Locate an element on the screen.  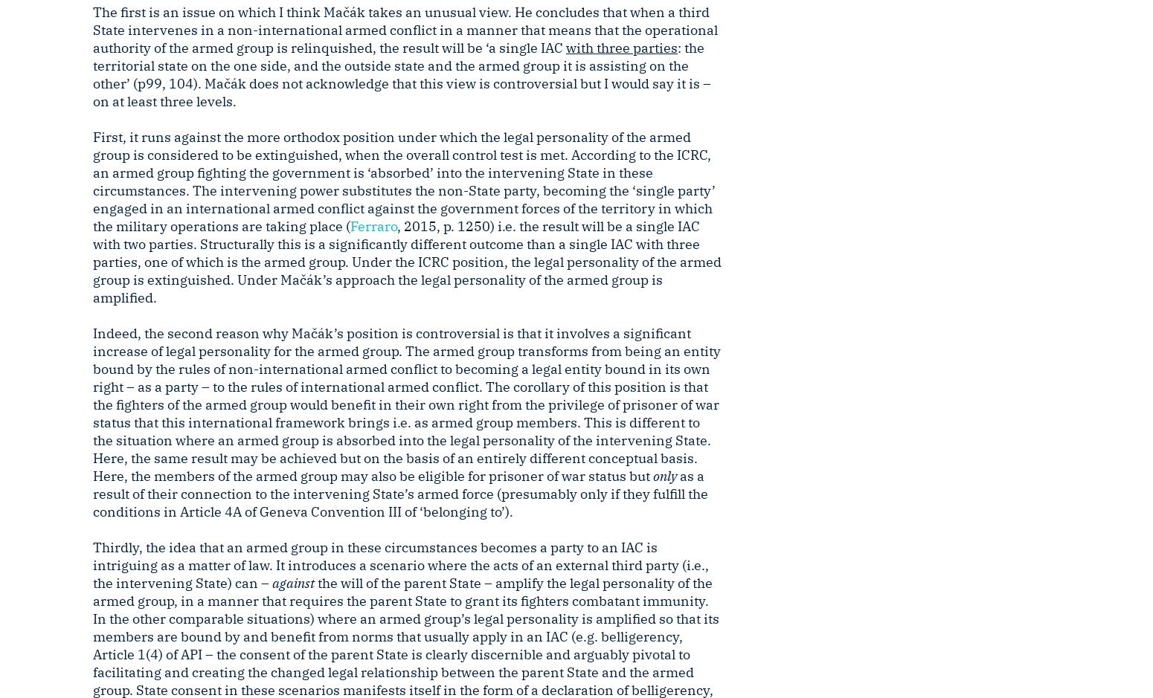
'Ferraro' is located at coordinates (373, 226).